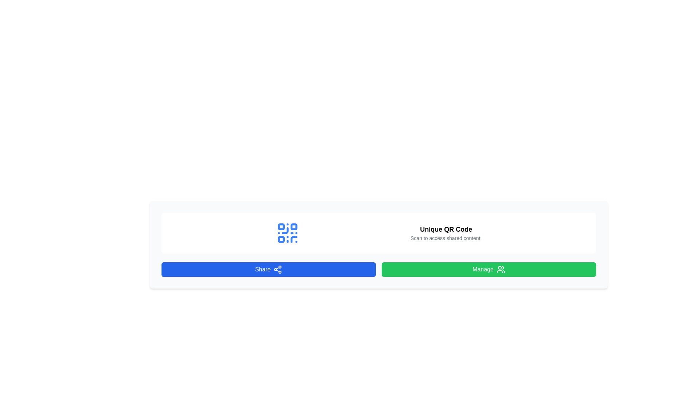 The height and width of the screenshot is (394, 700). What do you see at coordinates (500, 270) in the screenshot?
I see `the 'Manage' button which is visually represented with an icon for 'Management' or 'Users' located at the right end of the button` at bounding box center [500, 270].